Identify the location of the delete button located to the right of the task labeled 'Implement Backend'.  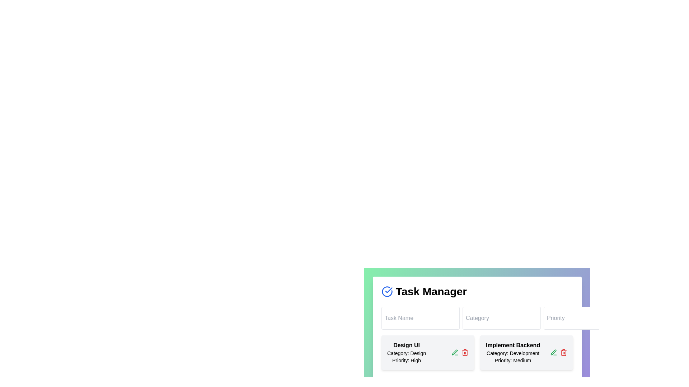
(563, 352).